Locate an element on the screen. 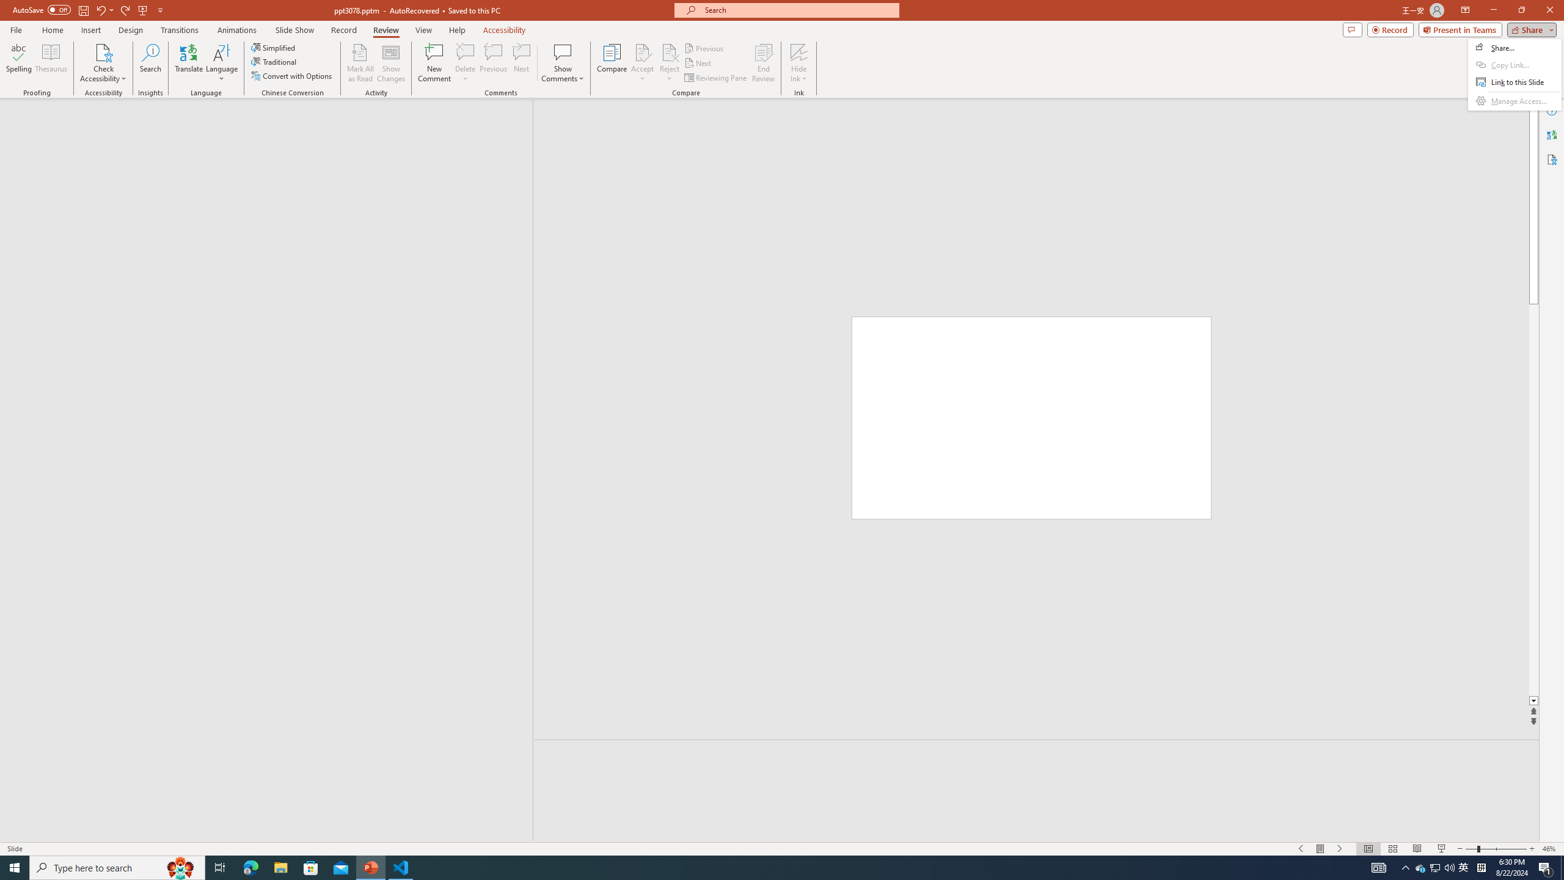  'Traditional' is located at coordinates (274, 61).